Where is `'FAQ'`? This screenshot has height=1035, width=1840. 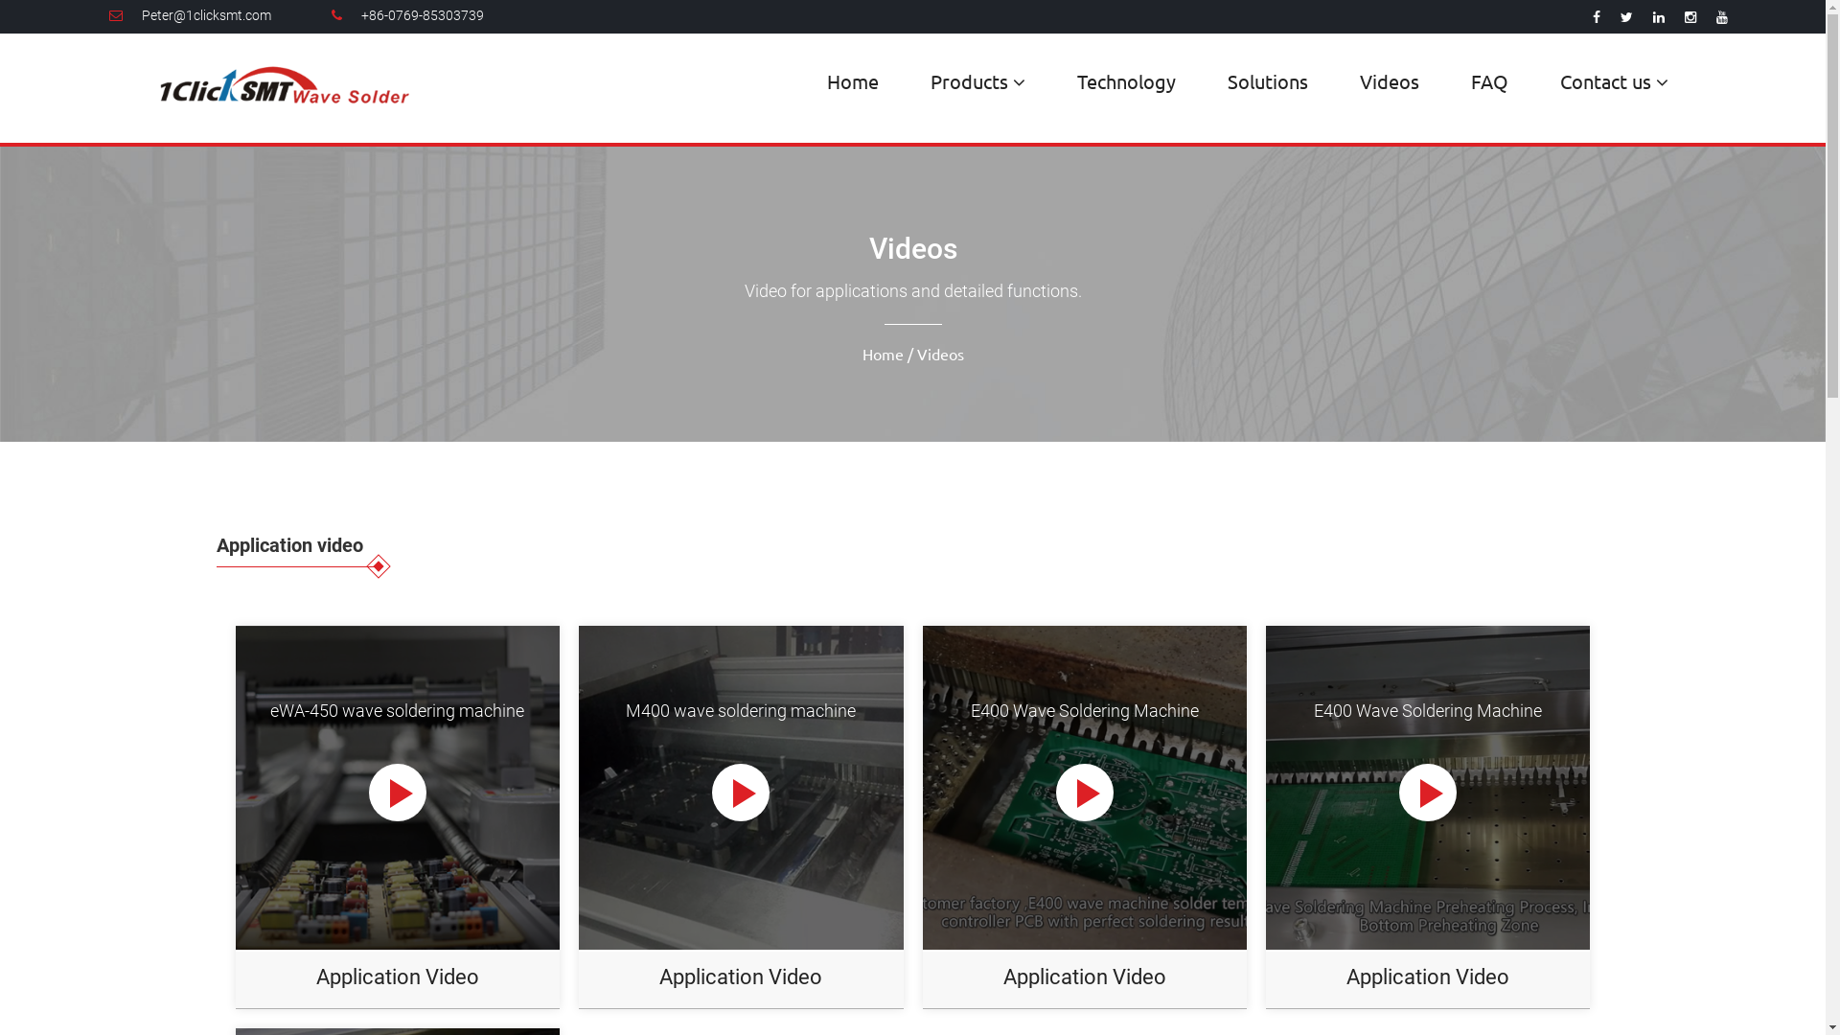 'FAQ' is located at coordinates (1457, 80).